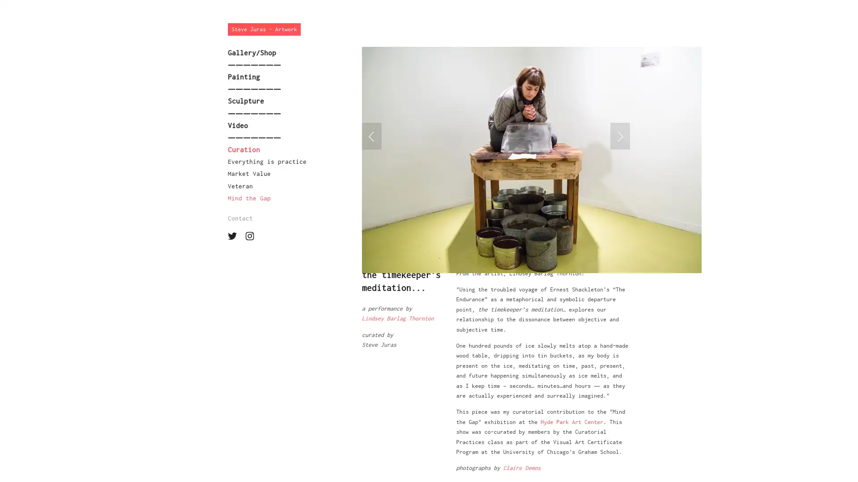  I want to click on Previous Slide, so click(371, 147).